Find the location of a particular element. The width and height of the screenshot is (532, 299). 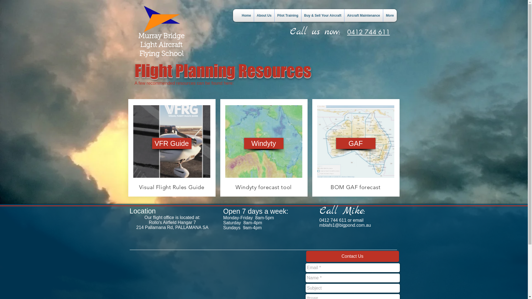

'Aircraft Maintenance' is located at coordinates (363, 15).